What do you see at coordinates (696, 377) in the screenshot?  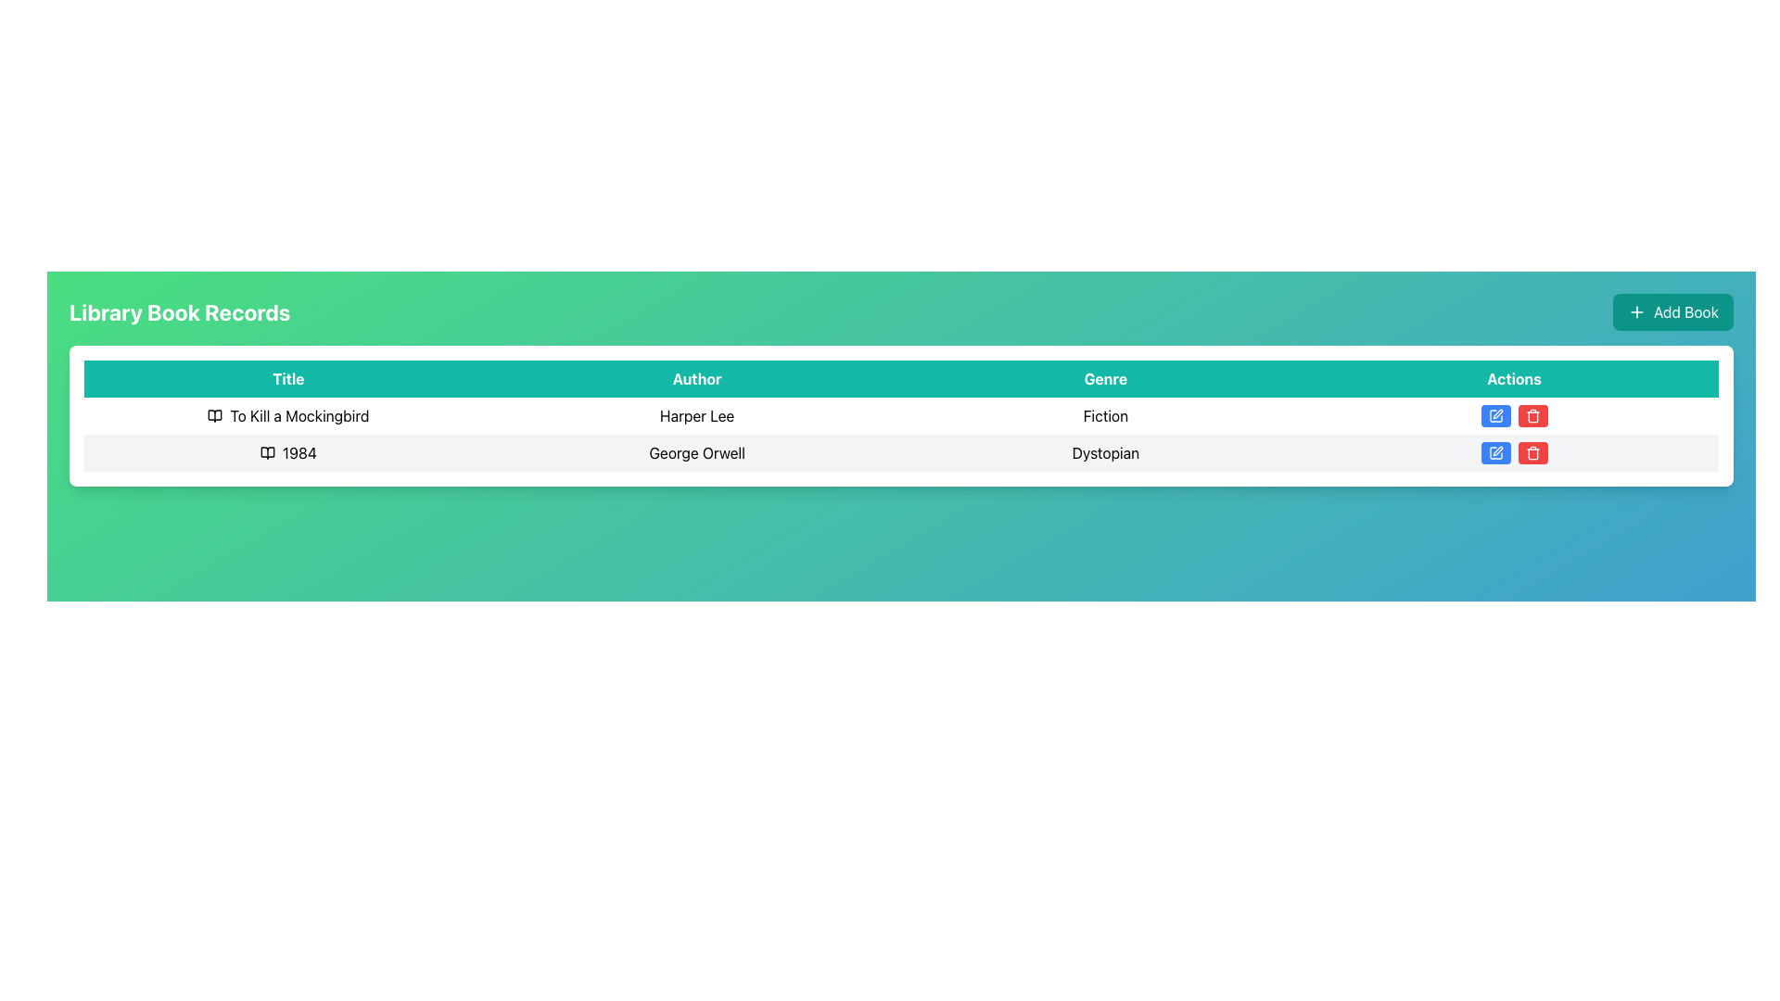 I see `the 'Author' text label, which is a rectangular area with a solid teal background and white bold text, located in the header row of a table between 'Title' and 'Genre'` at bounding box center [696, 377].